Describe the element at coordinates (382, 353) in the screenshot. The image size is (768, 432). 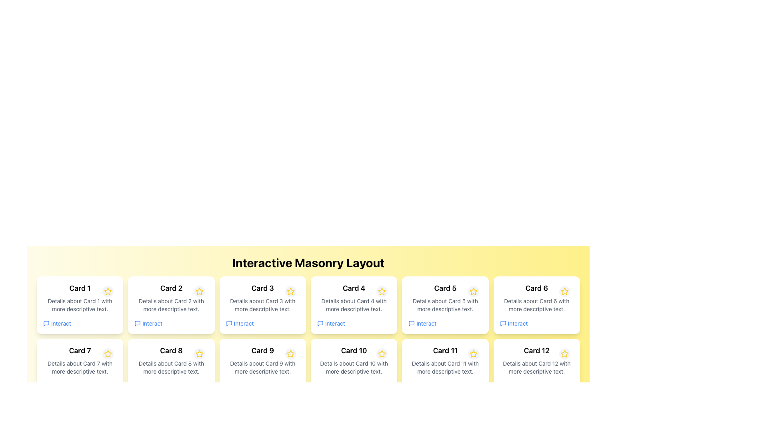
I see `the star icon located at the top right corner of 'Card 10' to favorite or unfavorite the card` at that location.